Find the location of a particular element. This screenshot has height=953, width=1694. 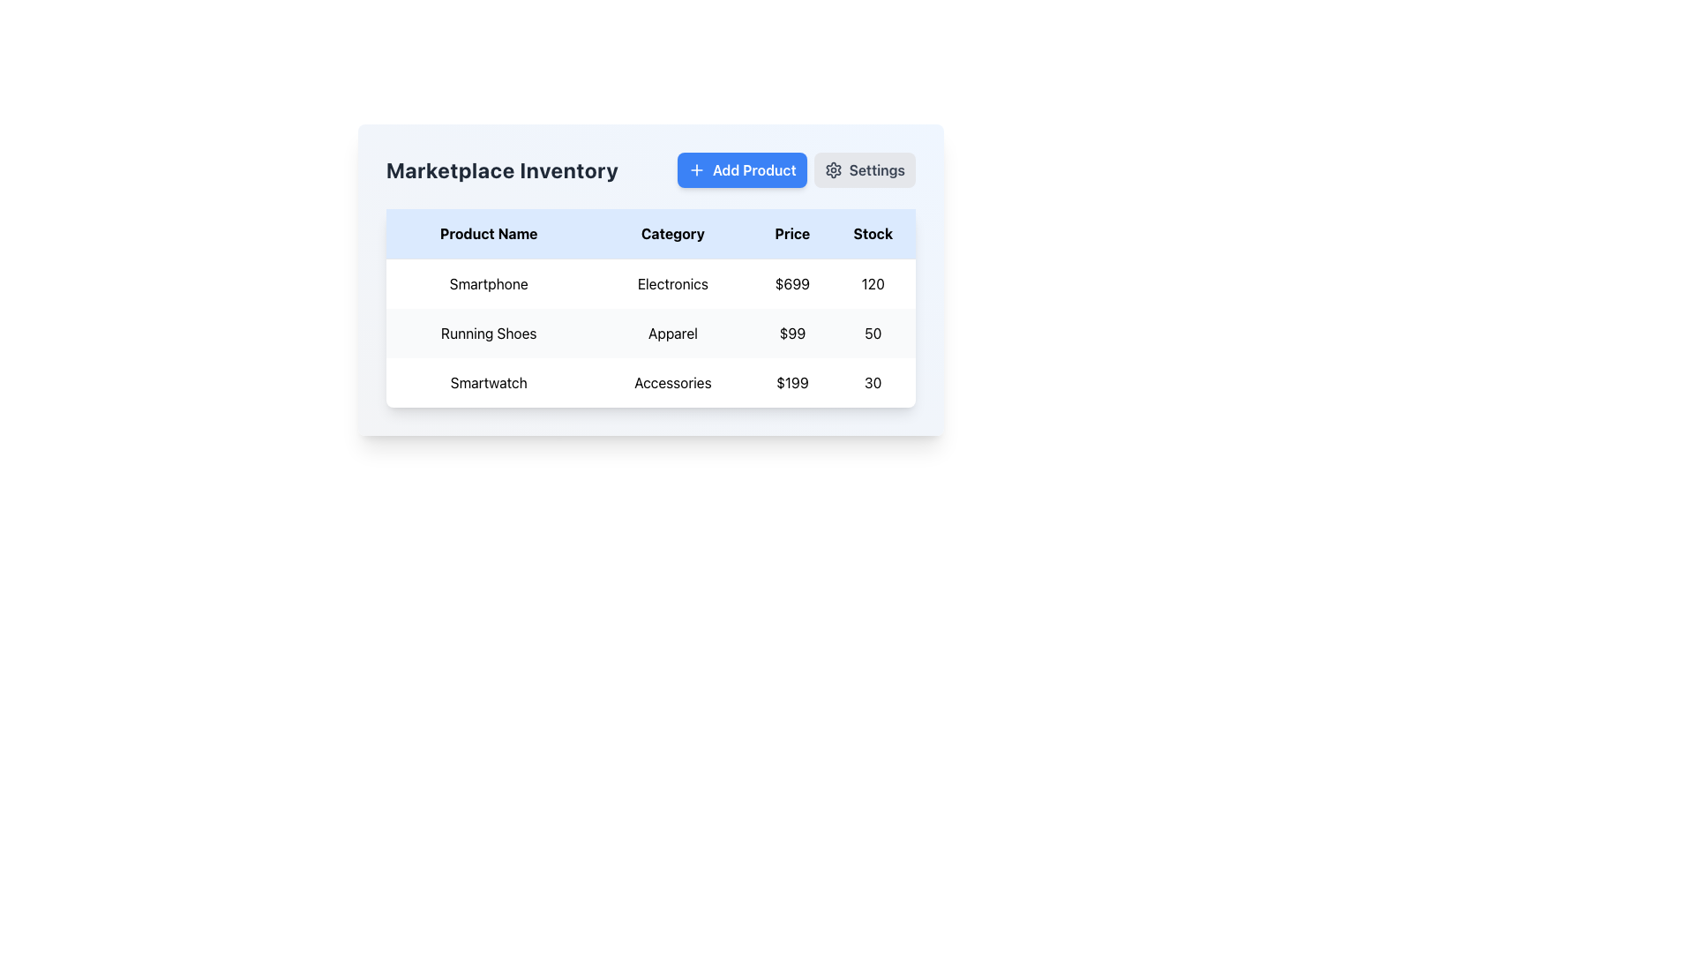

the text element displaying '30', which indicates the stock quantity for the product 'Smartwatch', located in the rightmost column of the table is located at coordinates (873, 382).